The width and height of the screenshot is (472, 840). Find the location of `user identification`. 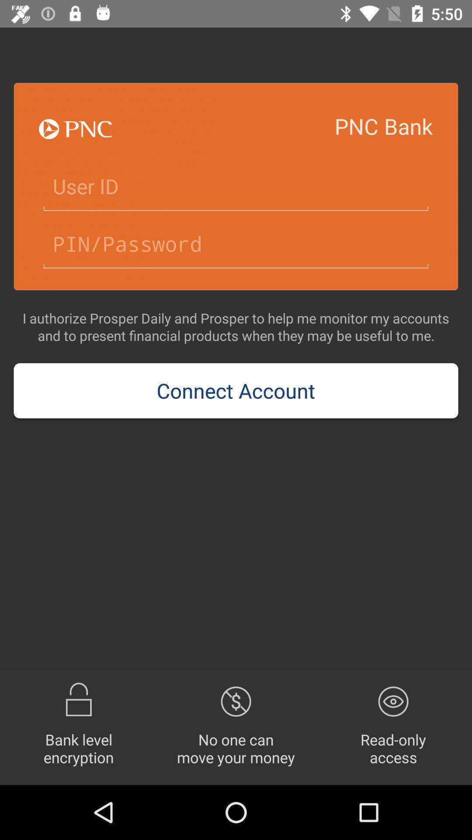

user identification is located at coordinates (236, 186).